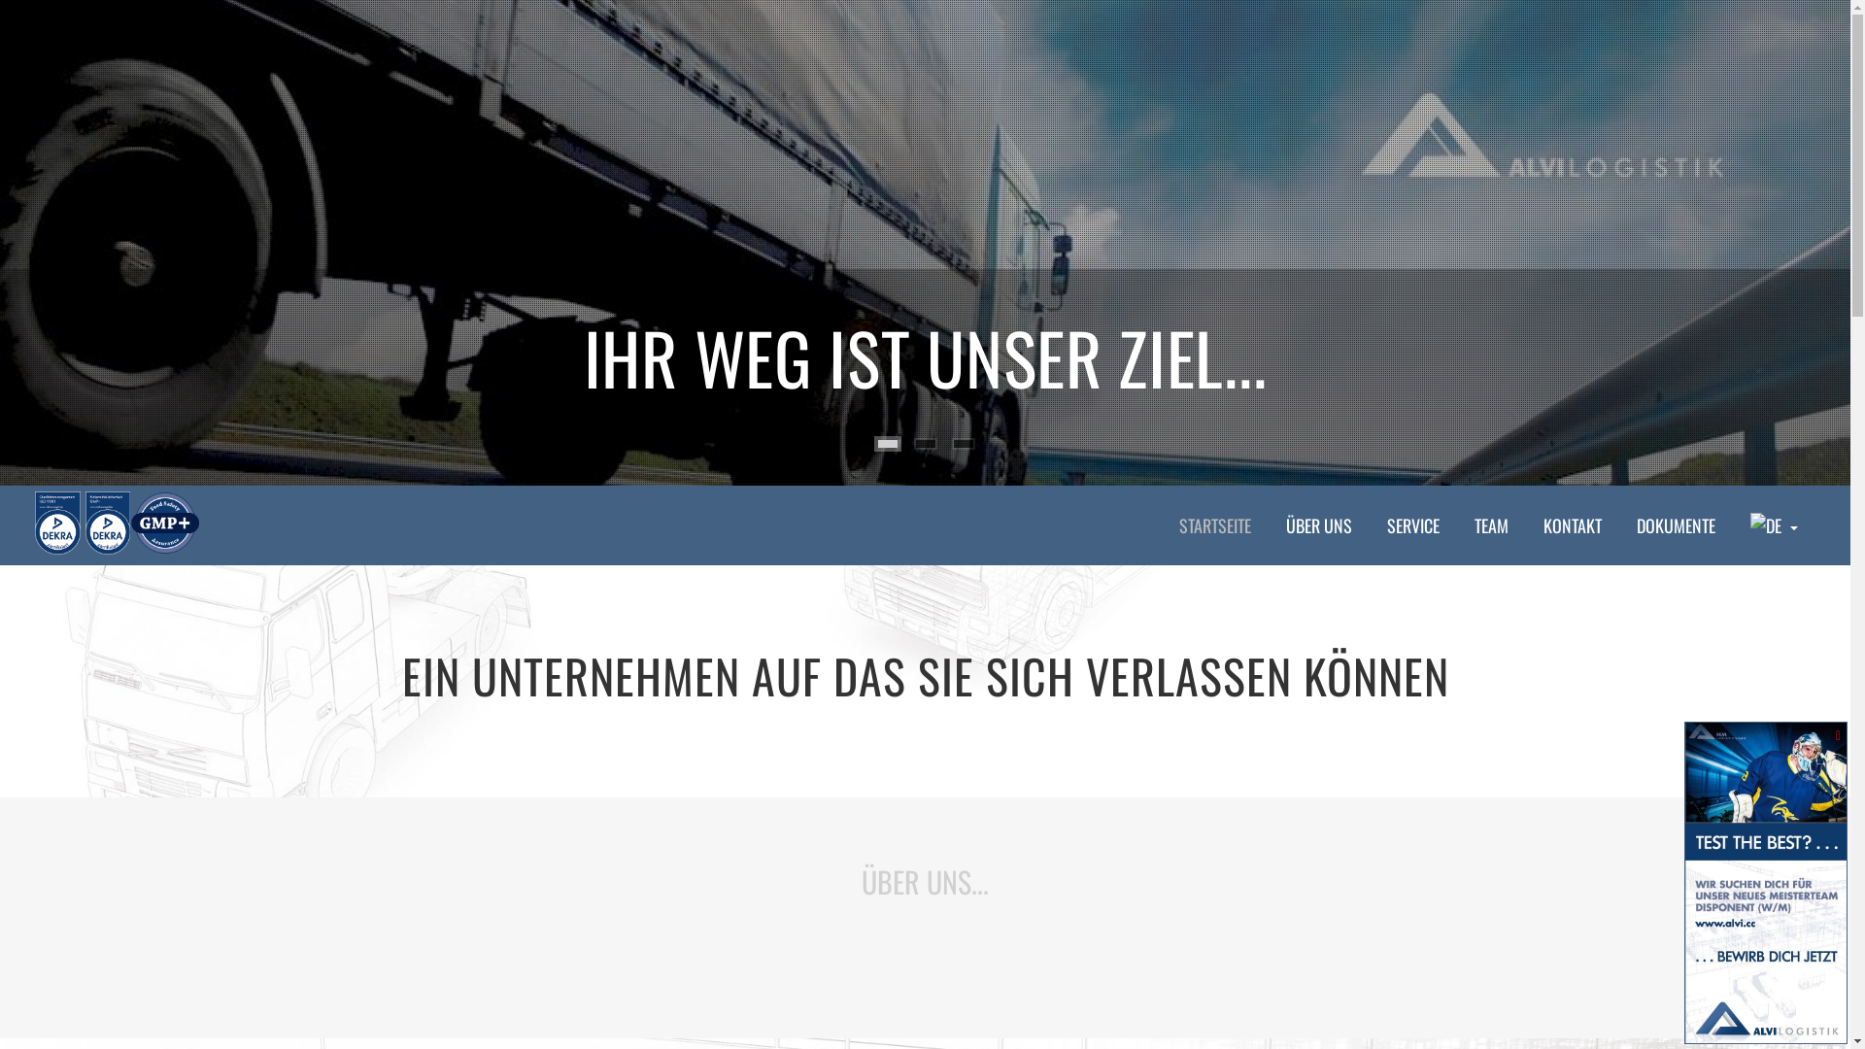  I want to click on 'Deutsch', so click(1749, 524).